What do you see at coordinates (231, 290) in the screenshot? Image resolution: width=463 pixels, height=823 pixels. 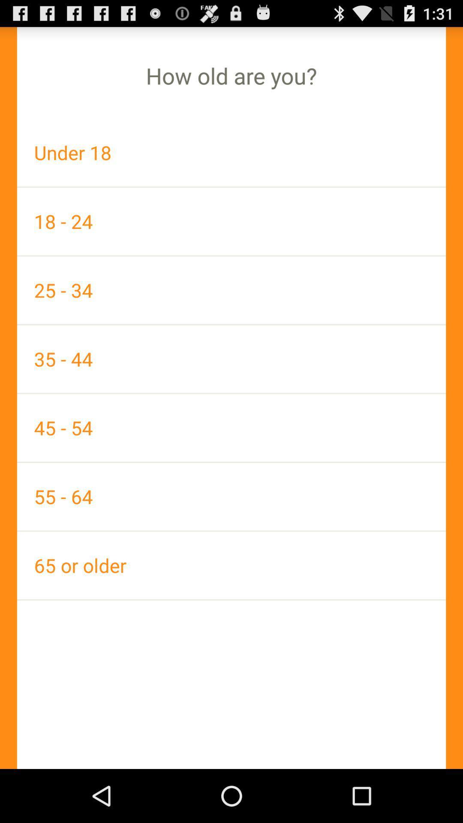 I see `25 - 34` at bounding box center [231, 290].